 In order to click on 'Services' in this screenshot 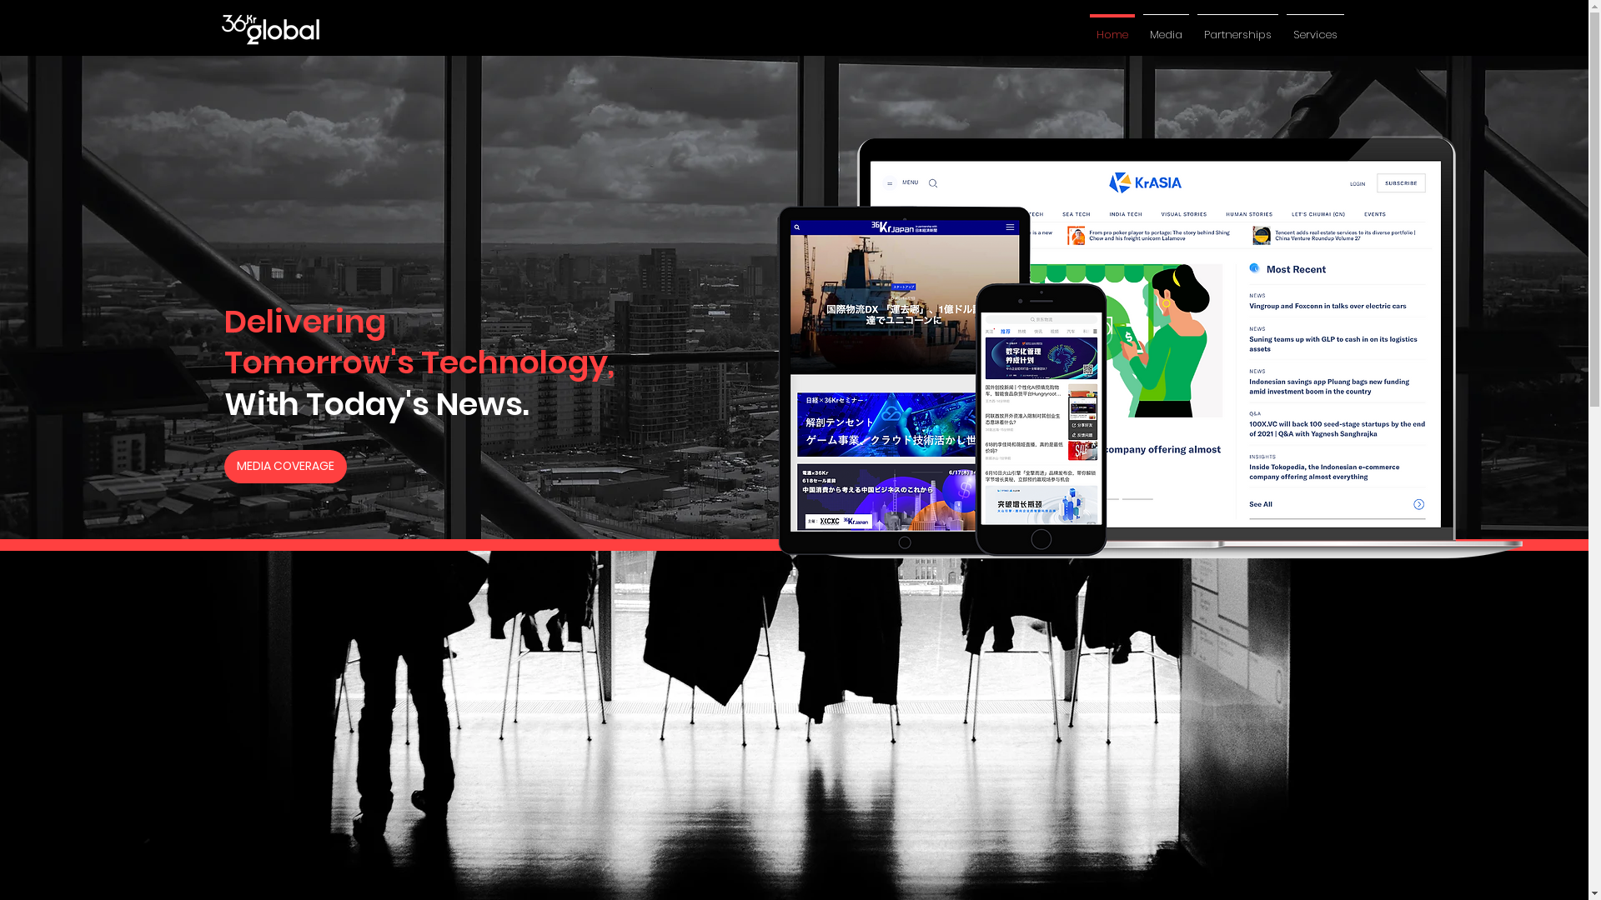, I will do `click(1314, 27)`.